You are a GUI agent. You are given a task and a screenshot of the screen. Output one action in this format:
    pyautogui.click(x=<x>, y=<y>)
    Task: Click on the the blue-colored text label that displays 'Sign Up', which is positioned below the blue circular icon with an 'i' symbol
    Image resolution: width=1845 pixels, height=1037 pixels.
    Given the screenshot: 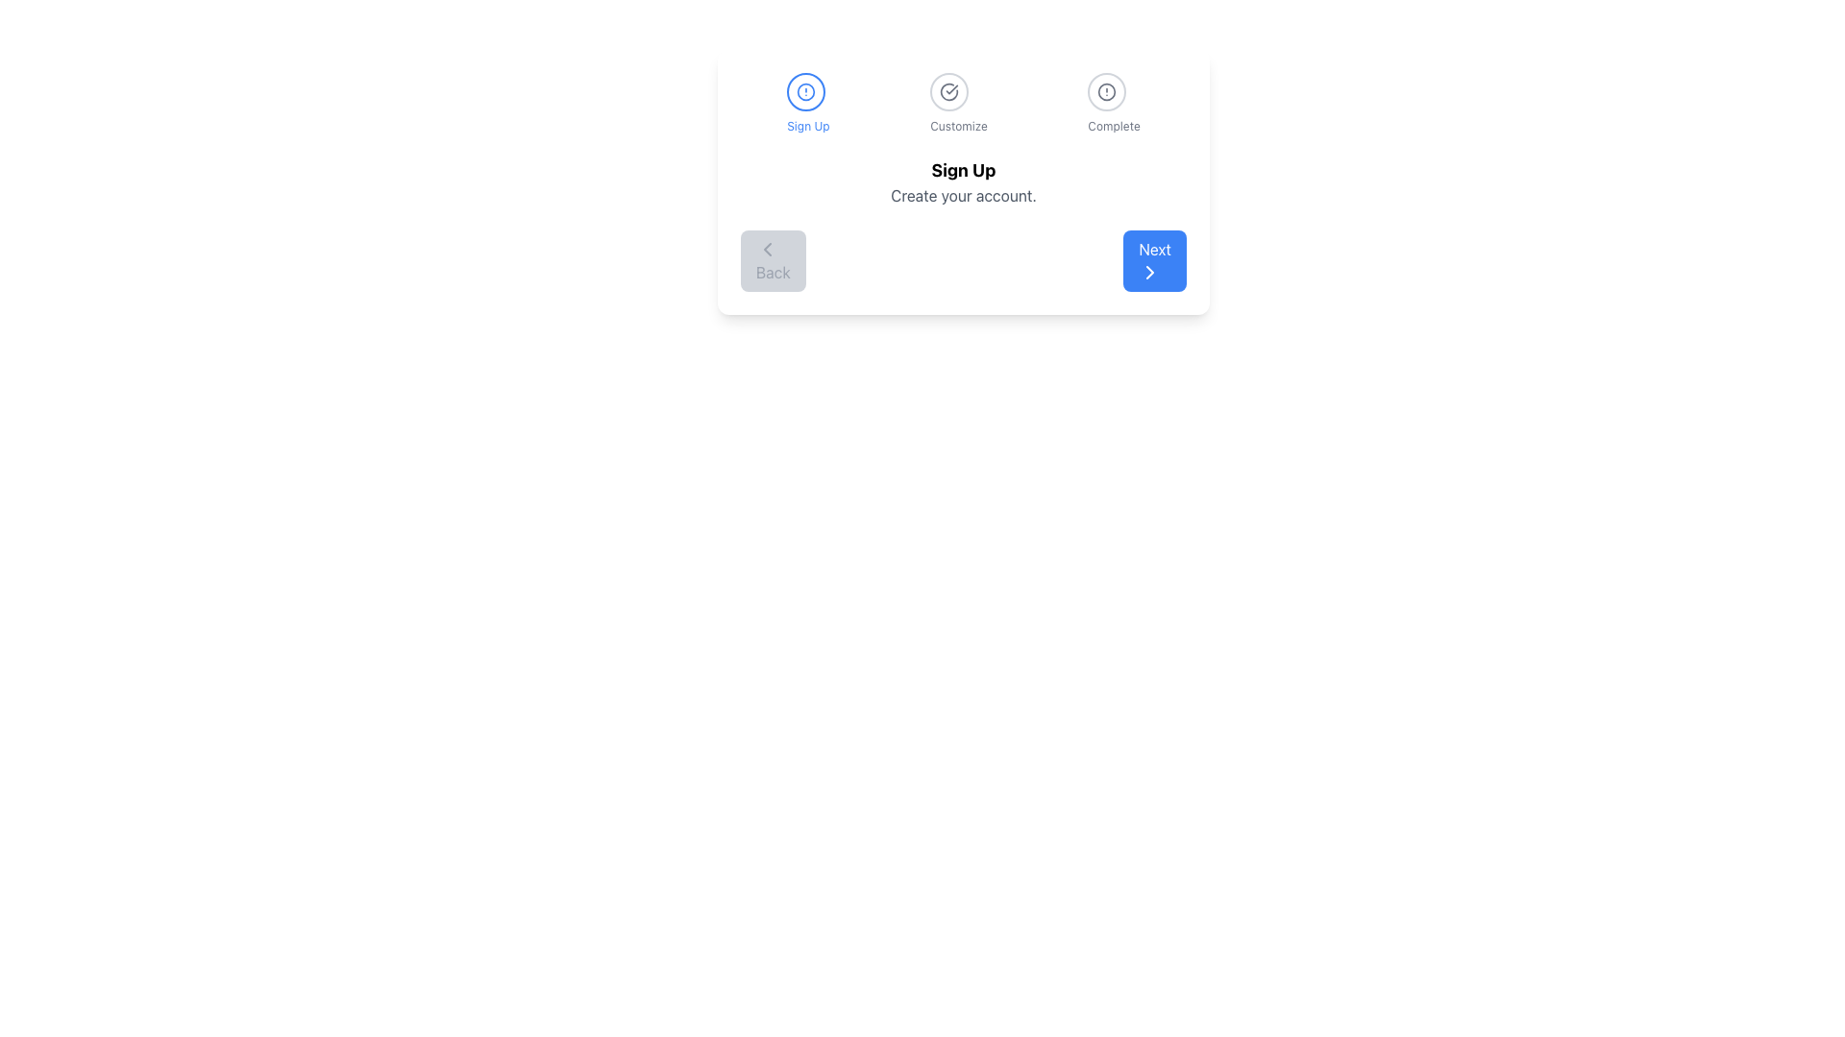 What is the action you would take?
    pyautogui.click(x=808, y=126)
    